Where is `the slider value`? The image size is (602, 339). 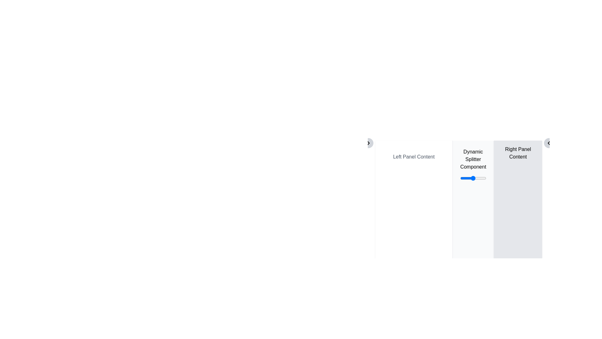
the slider value is located at coordinates (466, 178).